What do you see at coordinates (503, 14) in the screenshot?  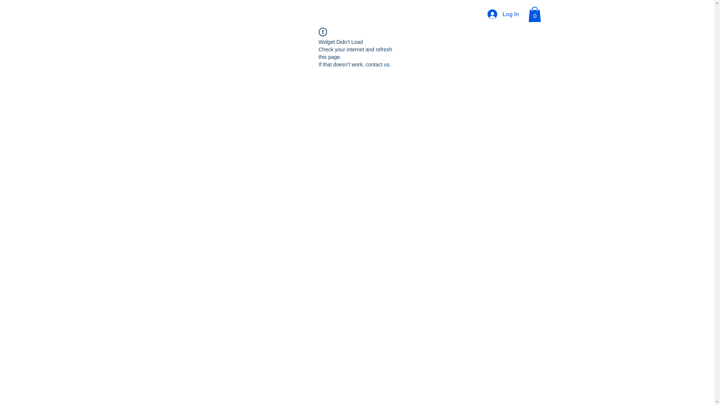 I see `'Log In'` at bounding box center [503, 14].